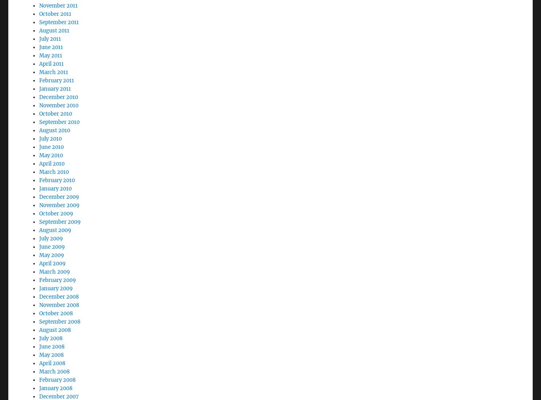  What do you see at coordinates (59, 183) in the screenshot?
I see `'November 2009'` at bounding box center [59, 183].